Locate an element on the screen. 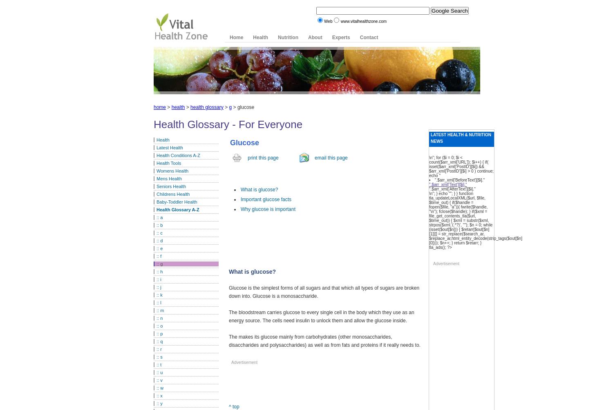 This screenshot has width=613, height=410. ':: b' is located at coordinates (159, 225).